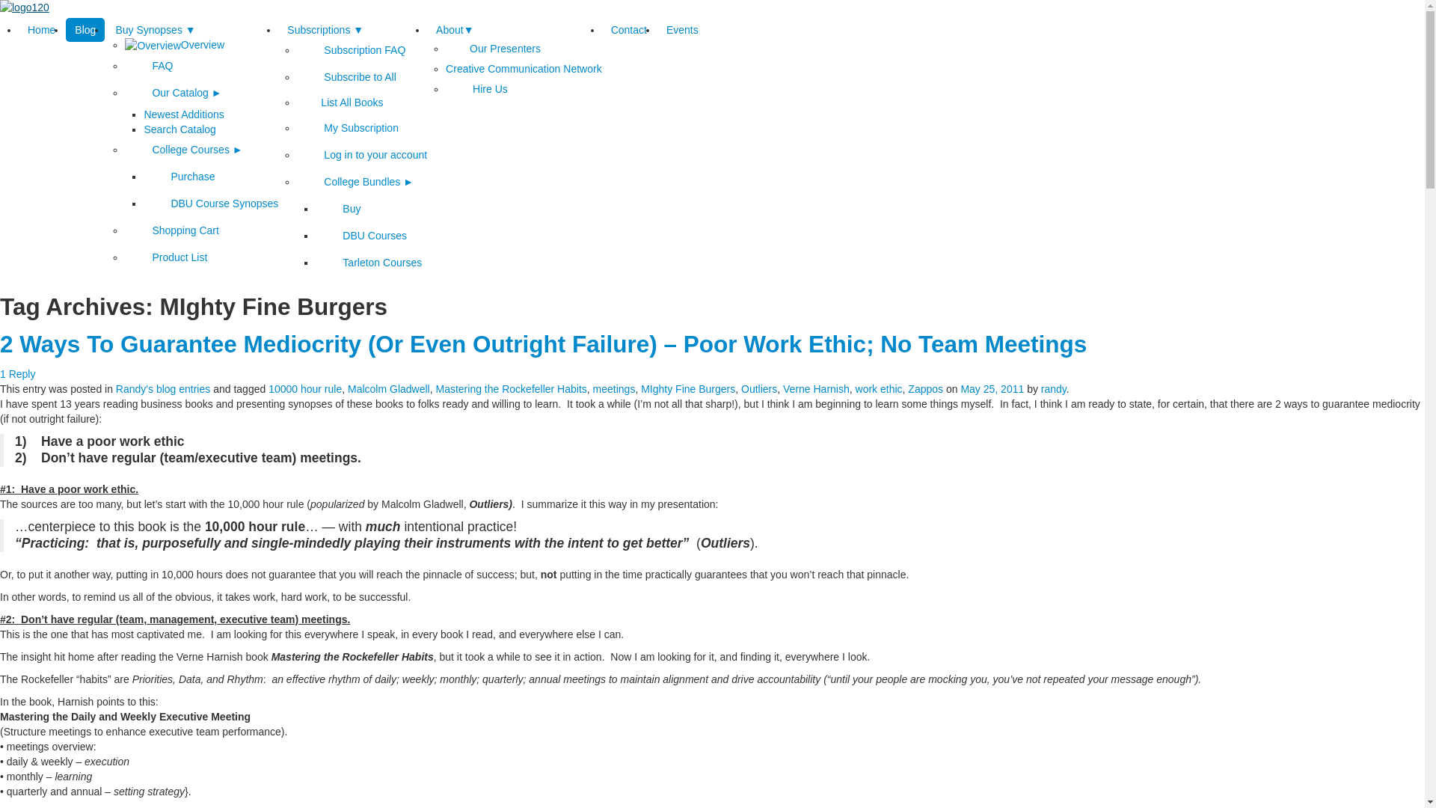  Describe the element at coordinates (210, 203) in the screenshot. I see `'DBU Course Synopses'` at that location.